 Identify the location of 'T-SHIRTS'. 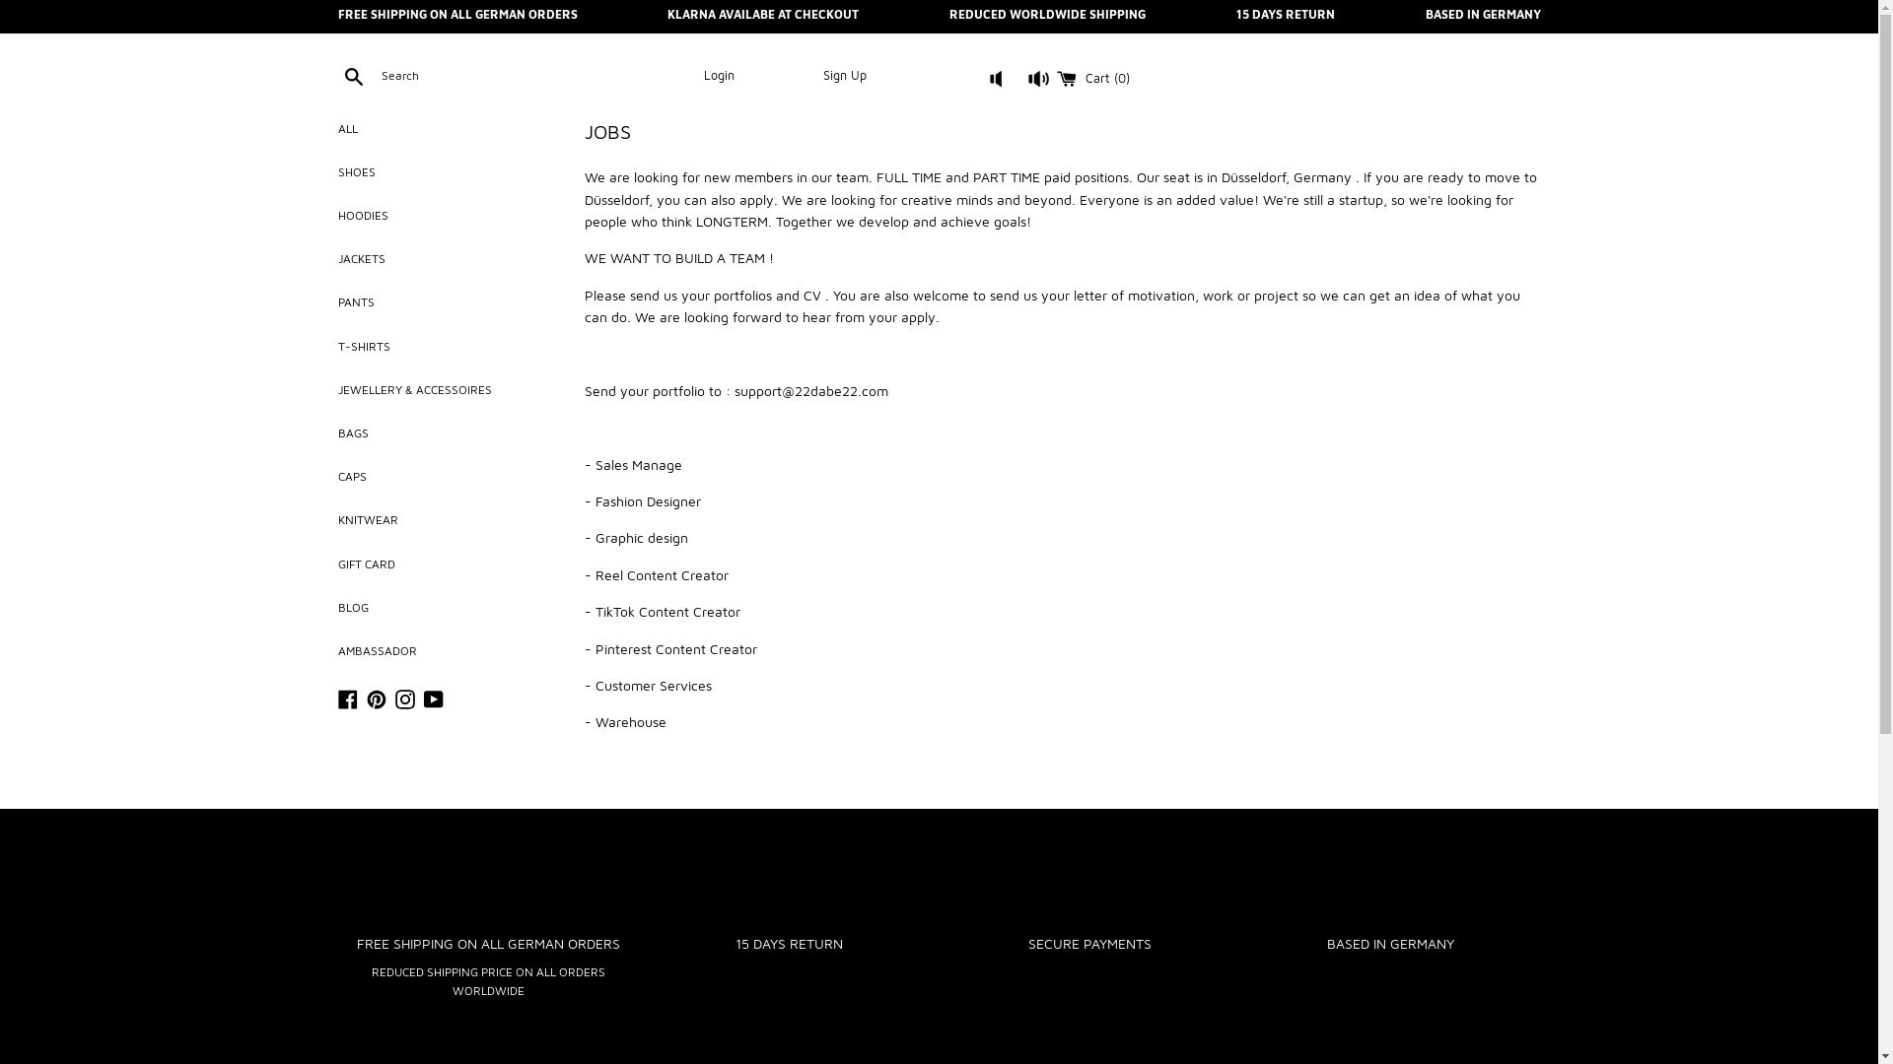
(336, 345).